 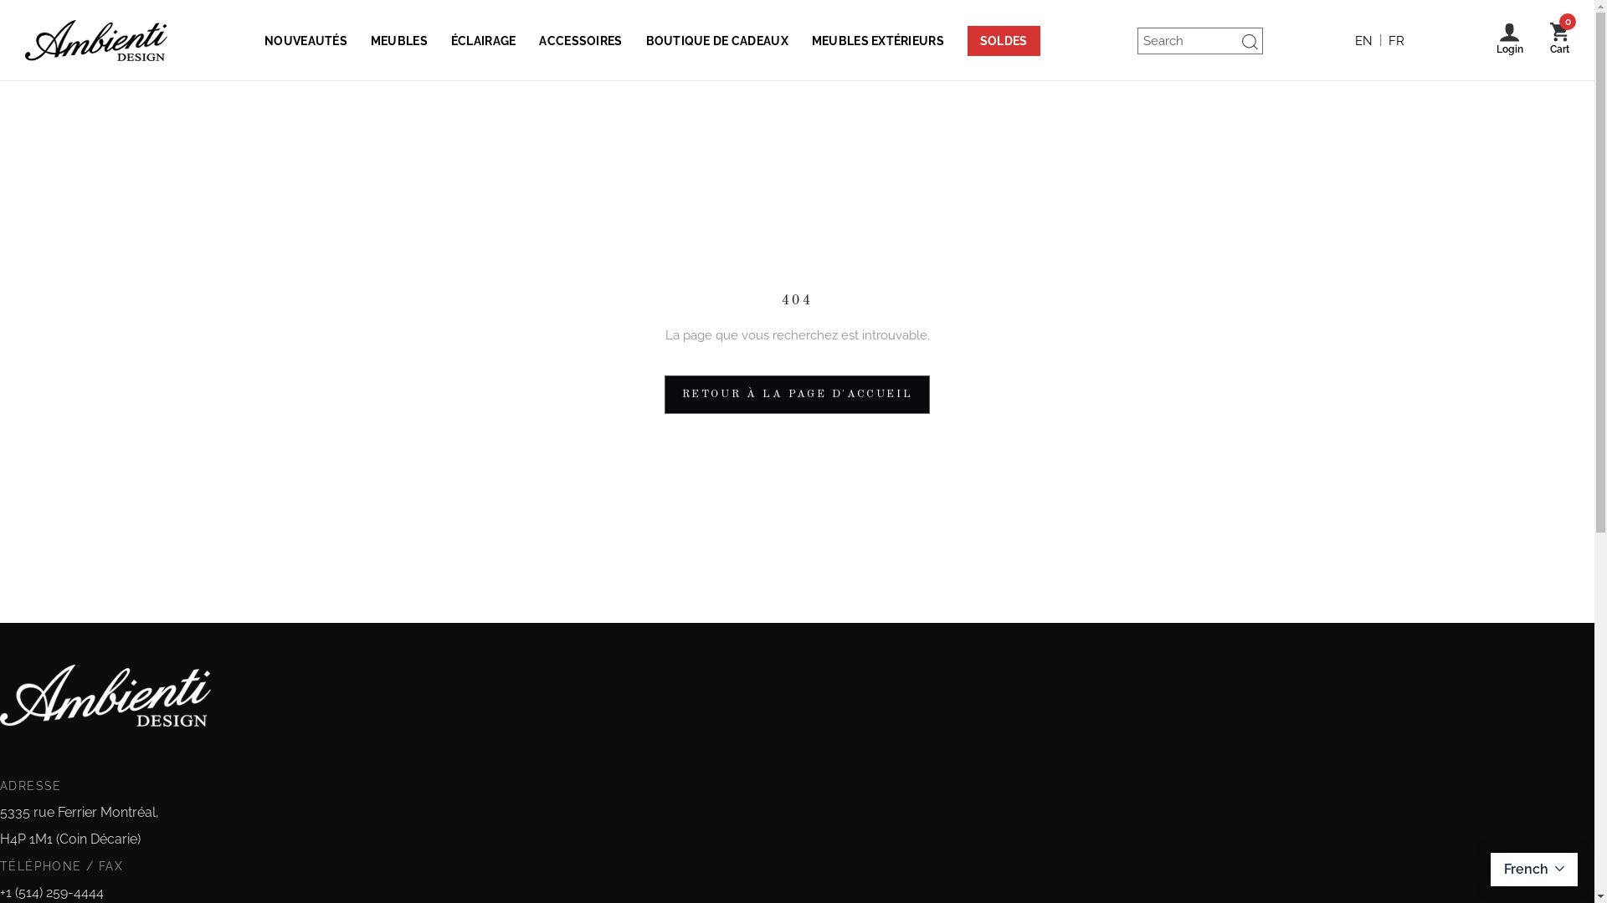 I want to click on 'MEUBLES, so click(x=398, y=38).